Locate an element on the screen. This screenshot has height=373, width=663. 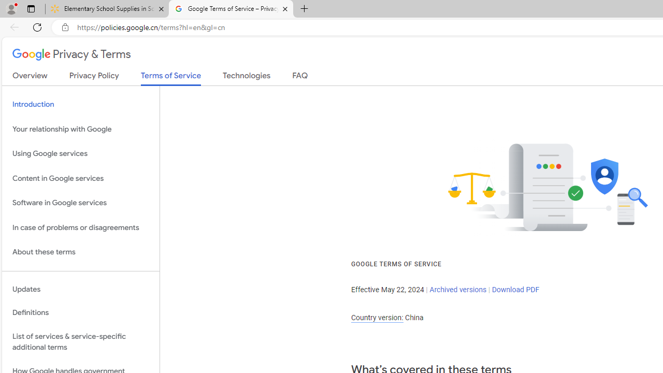
'List of services & service-specific additional terms' is located at coordinates (80, 342).